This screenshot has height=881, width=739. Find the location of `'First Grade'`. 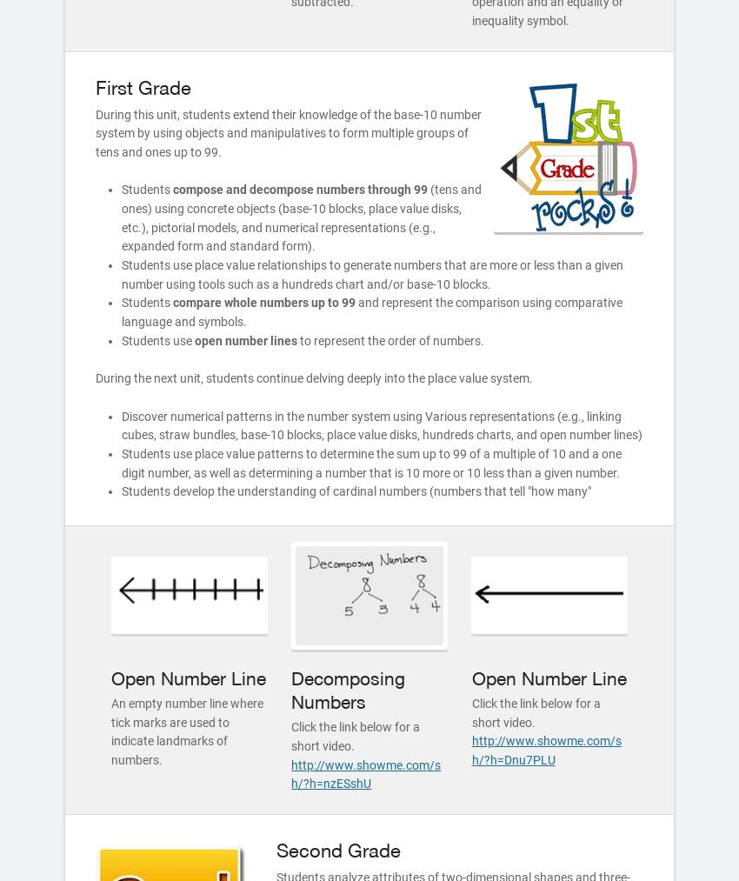

'First Grade' is located at coordinates (143, 85).